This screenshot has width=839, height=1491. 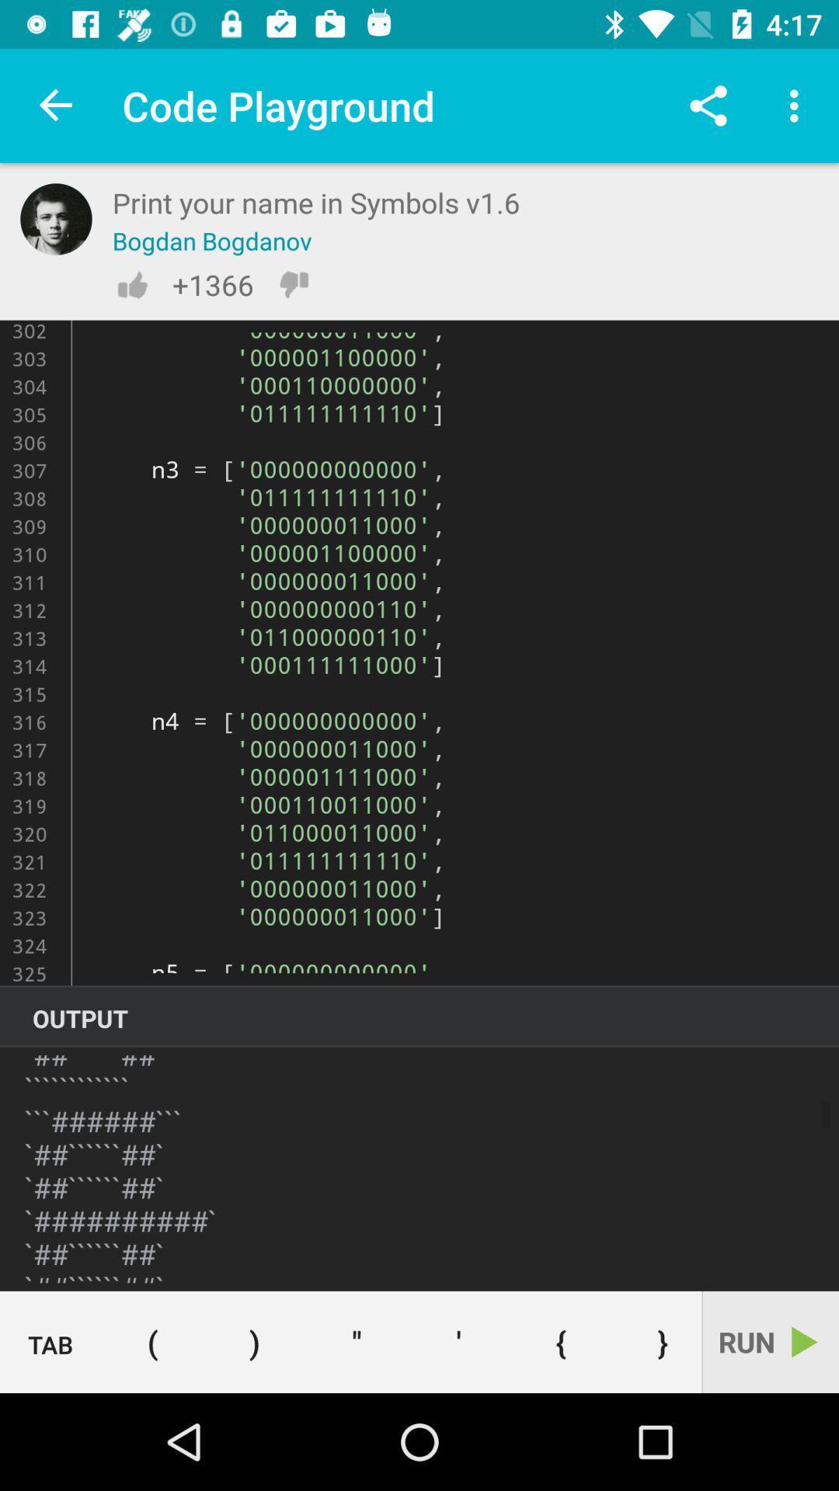 I want to click on the thumbs_down icon, so click(x=294, y=284).